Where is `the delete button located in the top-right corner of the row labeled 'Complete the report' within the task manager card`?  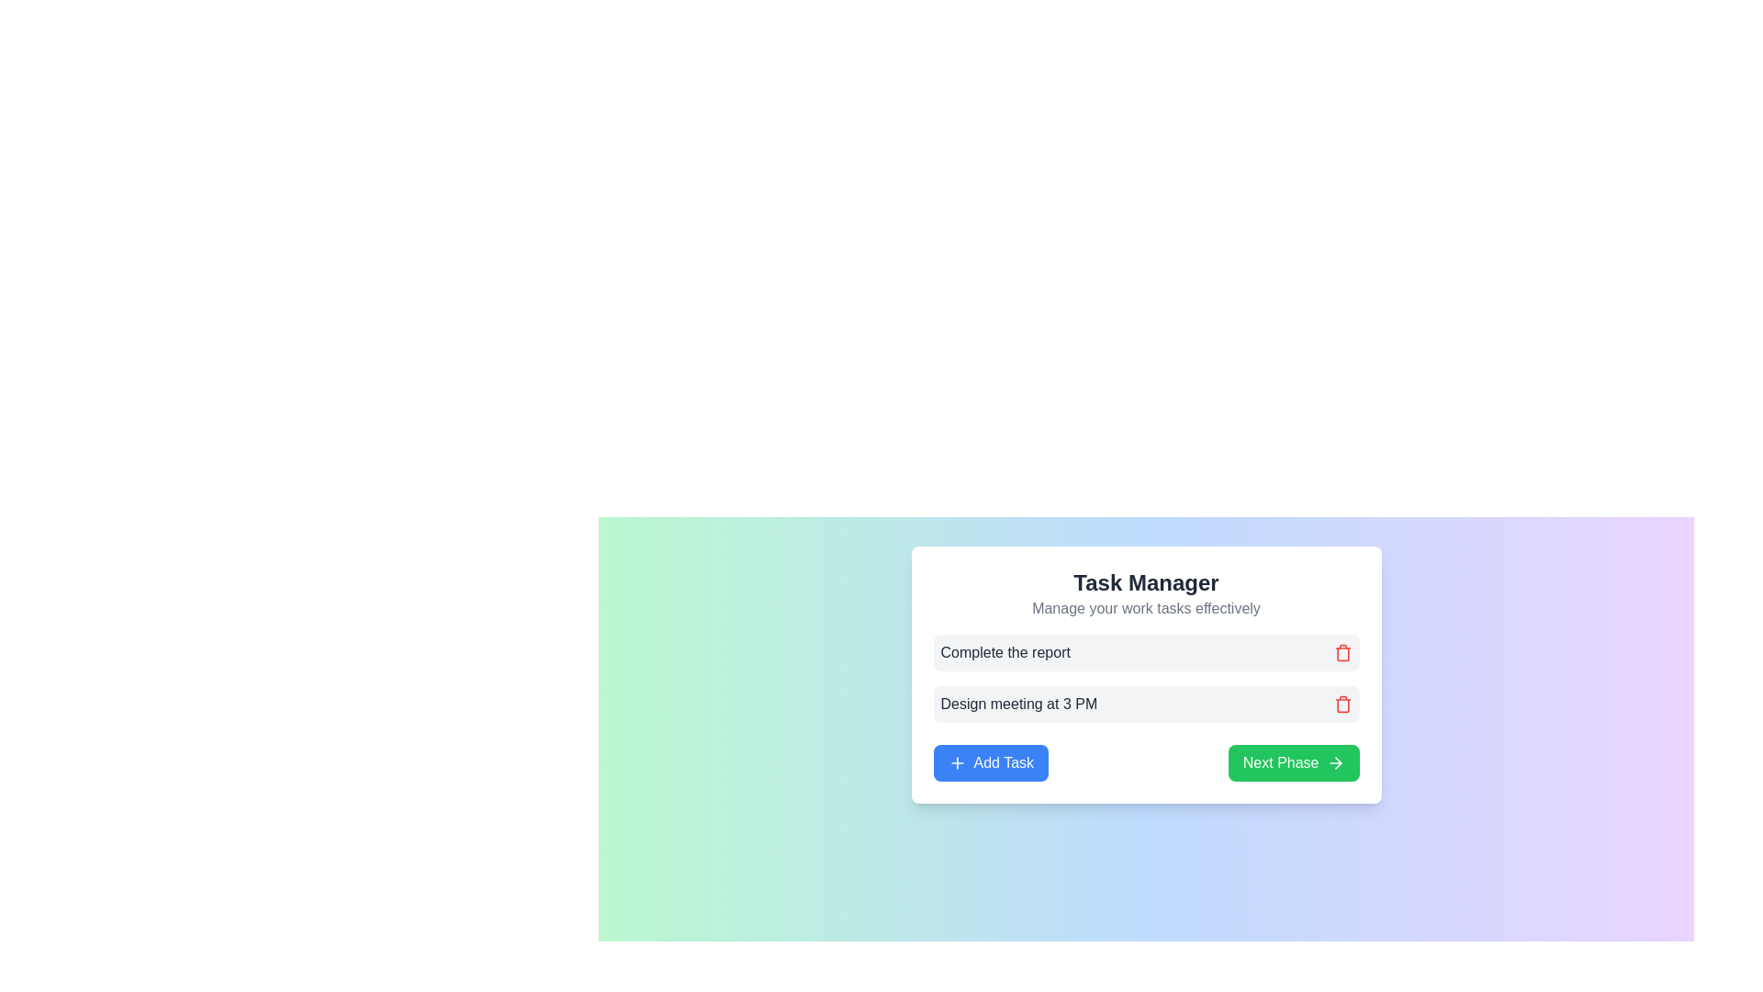
the delete button located in the top-right corner of the row labeled 'Complete the report' within the task manager card is located at coordinates (1342, 651).